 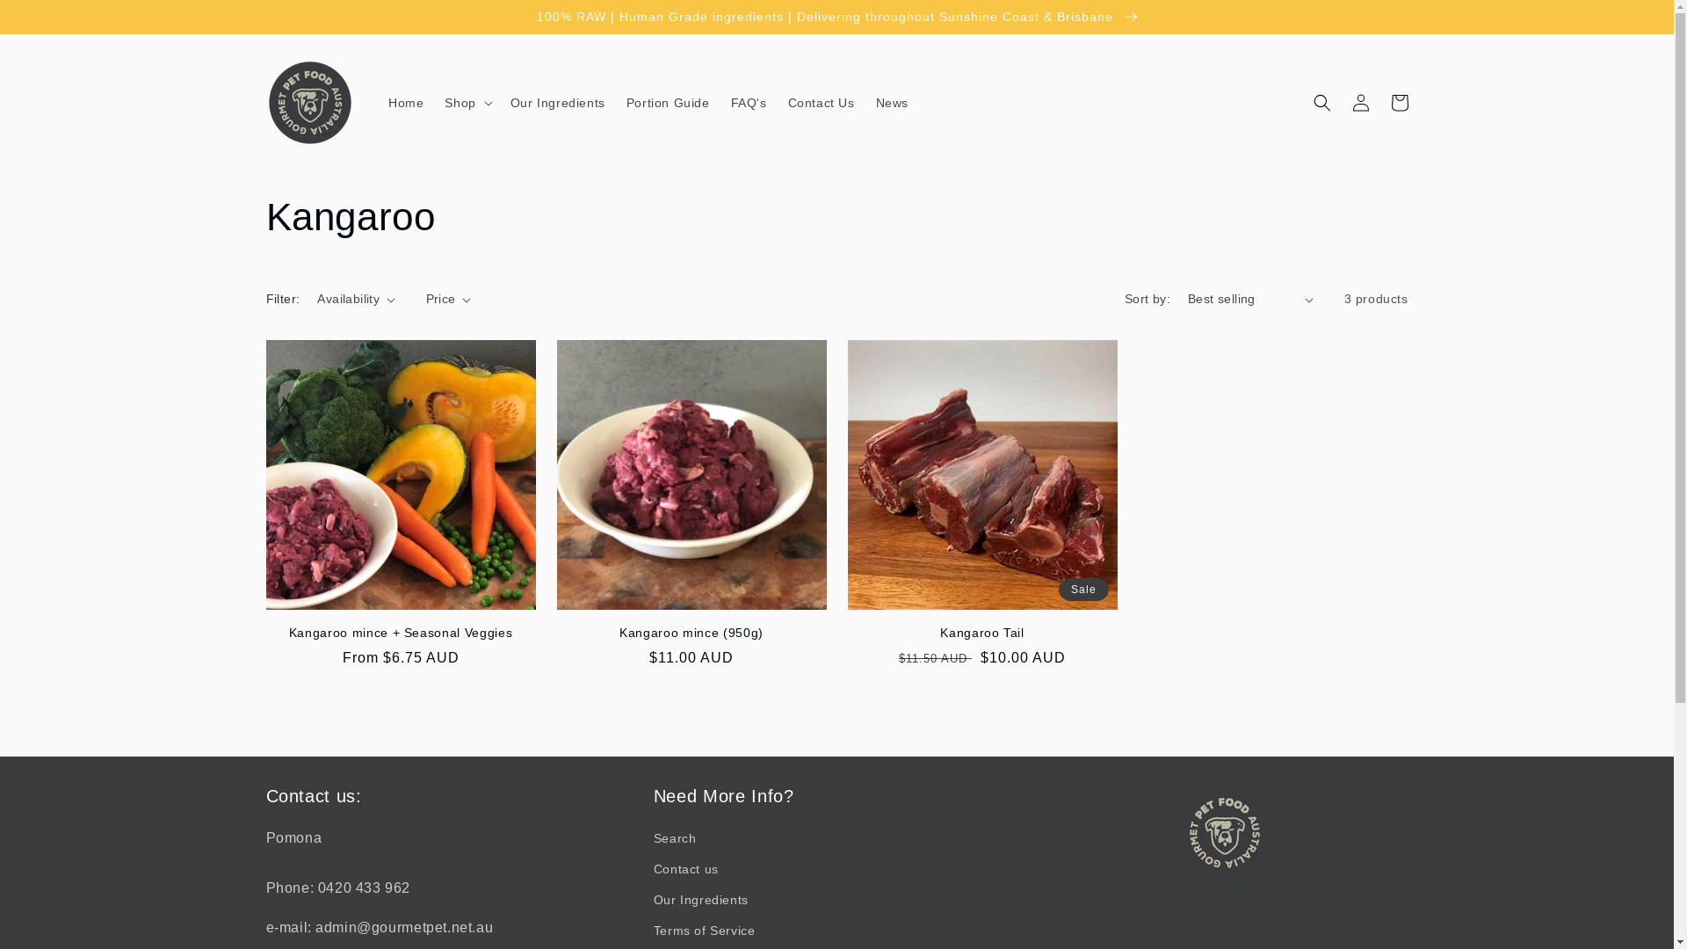 I want to click on 'Cart', so click(x=1398, y=102).